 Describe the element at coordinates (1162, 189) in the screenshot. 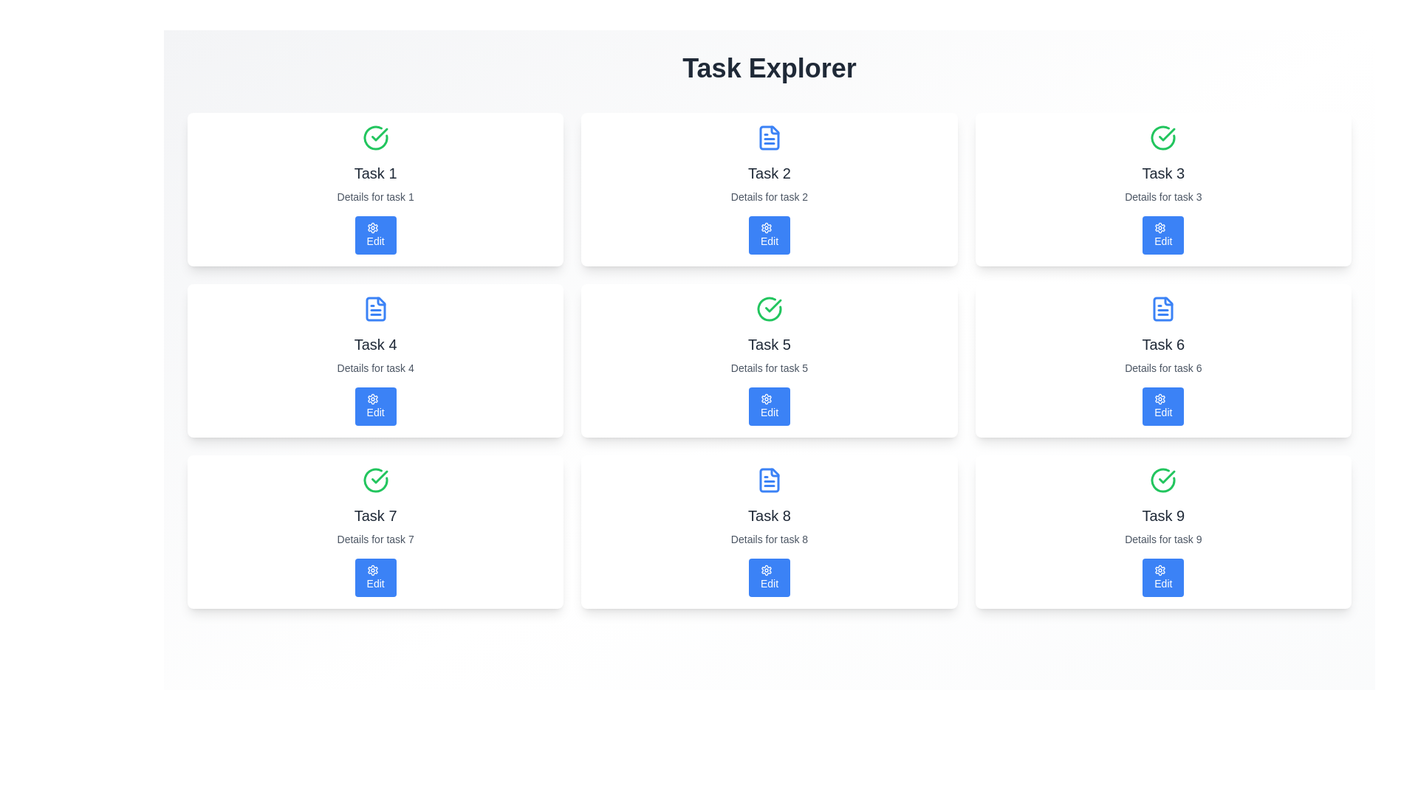

I see `the Card element that represents a specific task, located on the right side in the first row of a 3x3 grid layout, specifically the third card from the left, positioned above the card labeled 'Details for task 6'` at that location.